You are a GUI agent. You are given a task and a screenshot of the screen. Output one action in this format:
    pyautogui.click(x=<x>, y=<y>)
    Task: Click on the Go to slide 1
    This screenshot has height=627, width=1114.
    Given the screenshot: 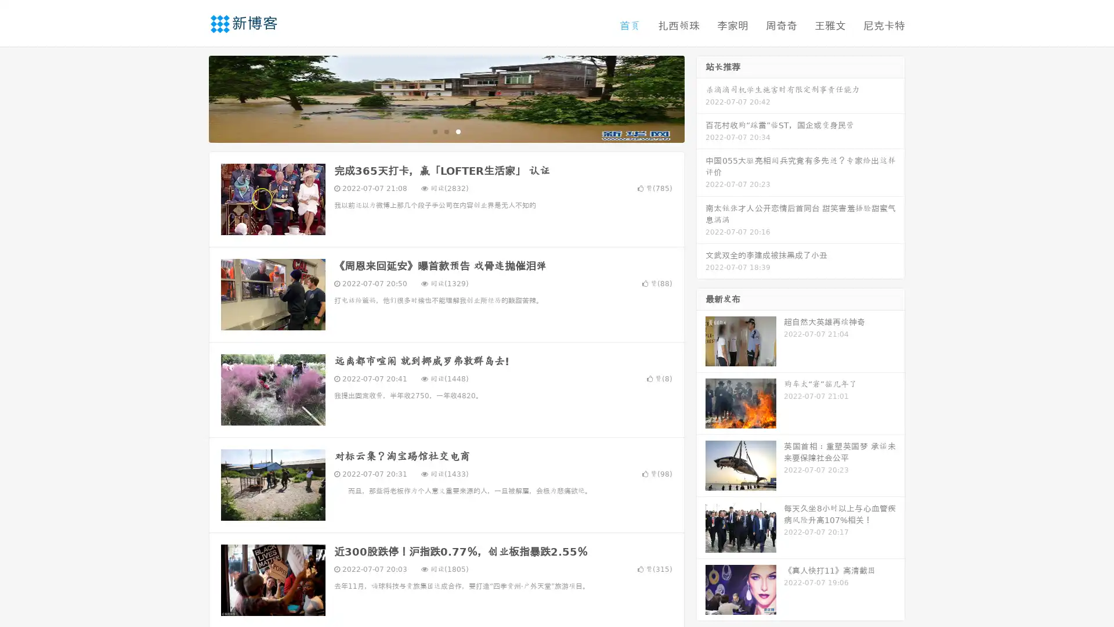 What is the action you would take?
    pyautogui.click(x=434, y=131)
    